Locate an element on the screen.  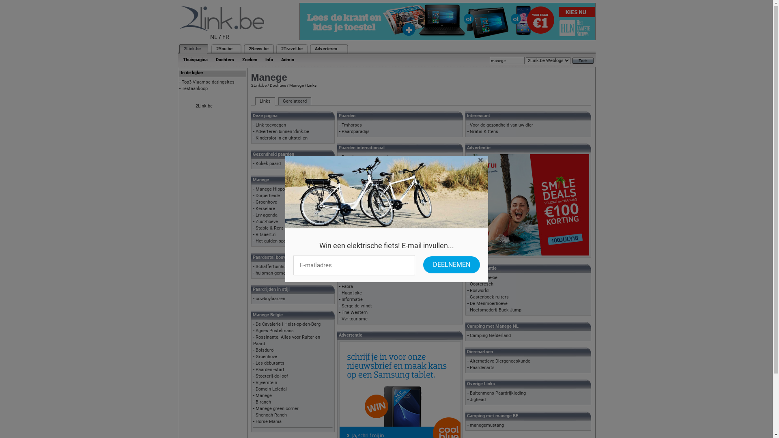
'Korona' is located at coordinates (341, 163).